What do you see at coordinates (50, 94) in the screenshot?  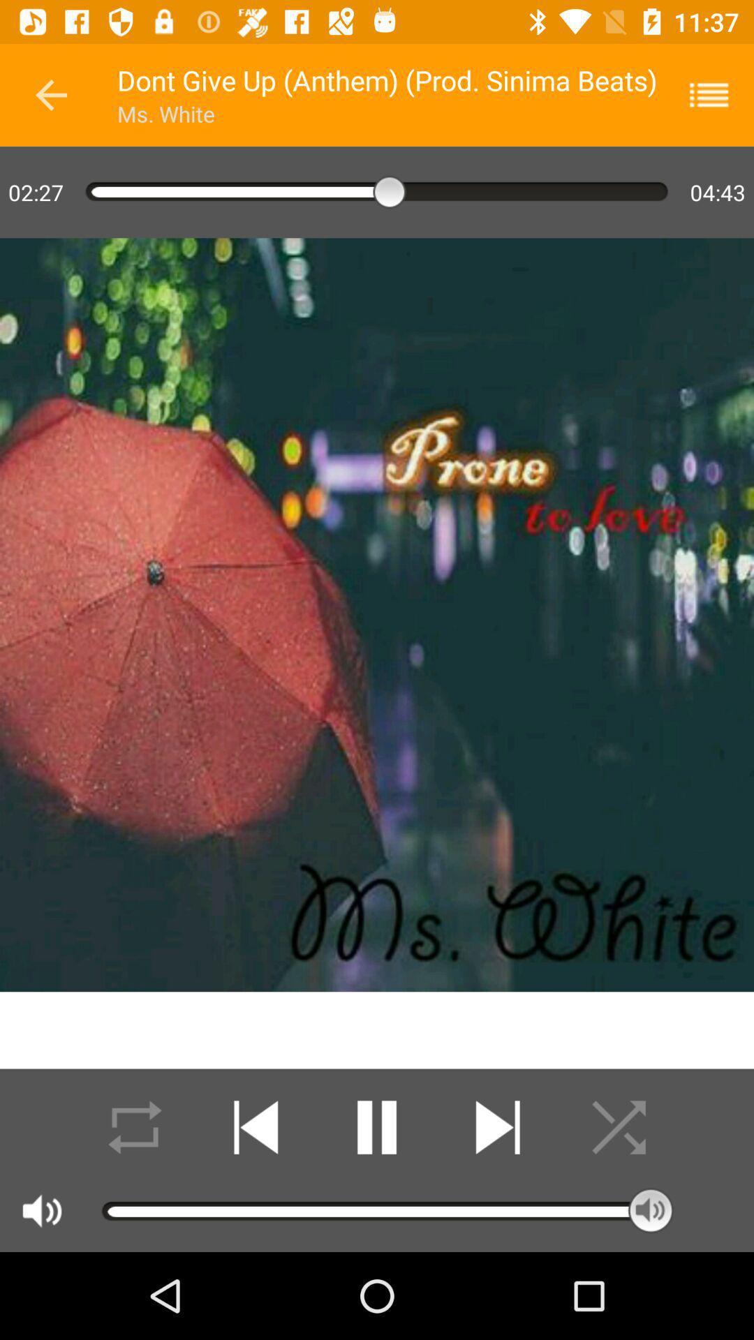 I see `the icon to the left of the dont give up item` at bounding box center [50, 94].